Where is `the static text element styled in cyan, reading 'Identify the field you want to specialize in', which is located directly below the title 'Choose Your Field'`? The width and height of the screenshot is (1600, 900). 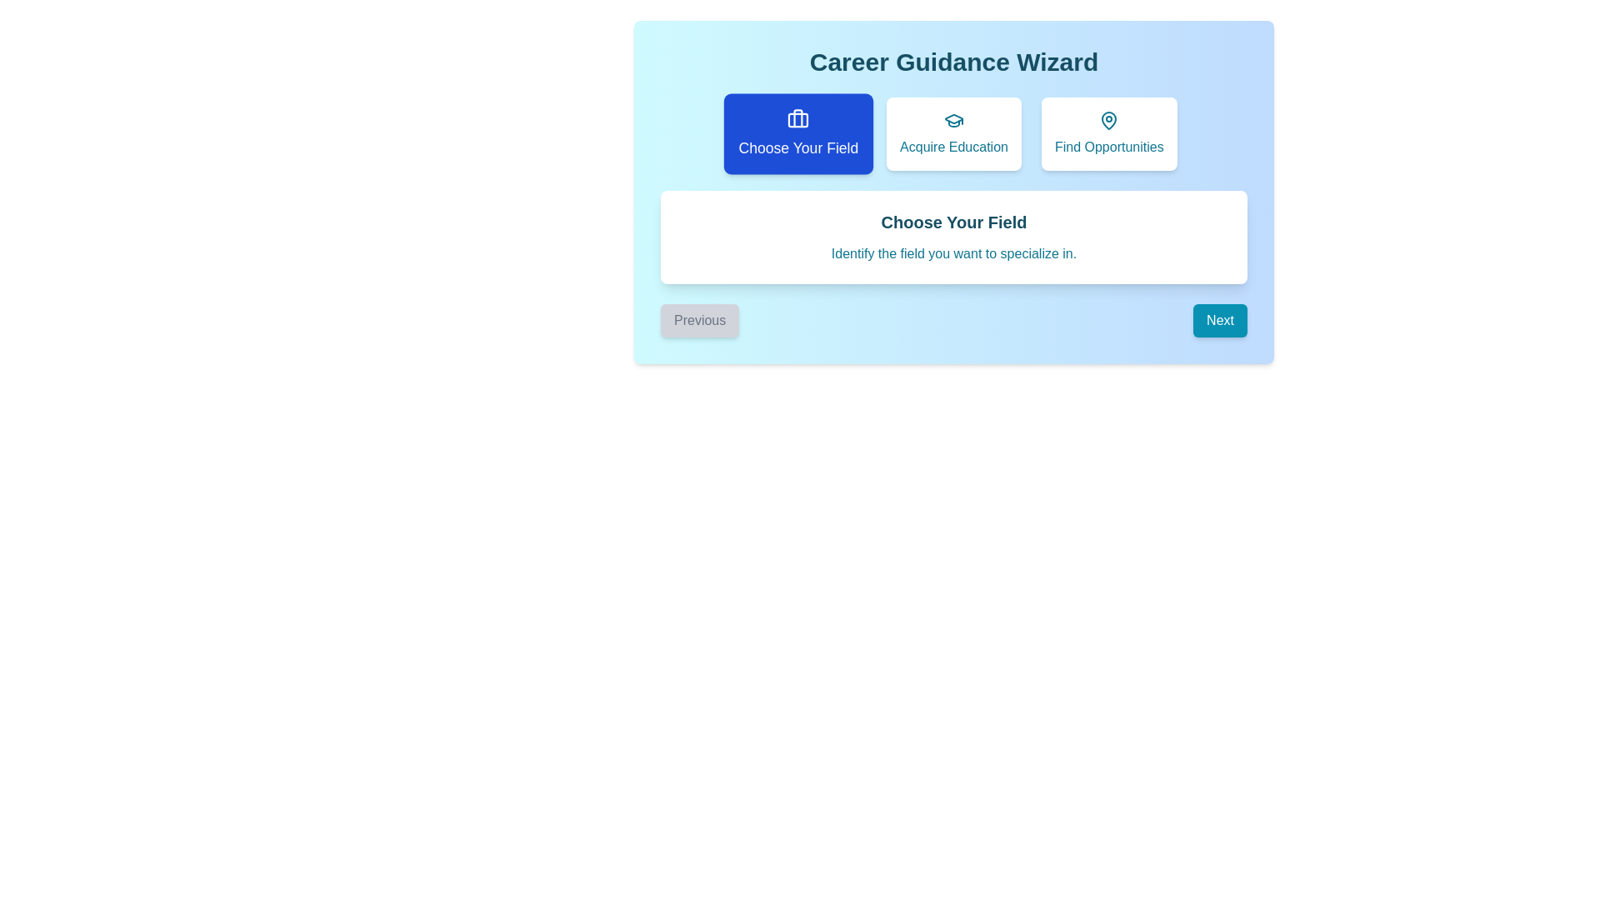
the static text element styled in cyan, reading 'Identify the field you want to specialize in', which is located directly below the title 'Choose Your Field' is located at coordinates (954, 253).